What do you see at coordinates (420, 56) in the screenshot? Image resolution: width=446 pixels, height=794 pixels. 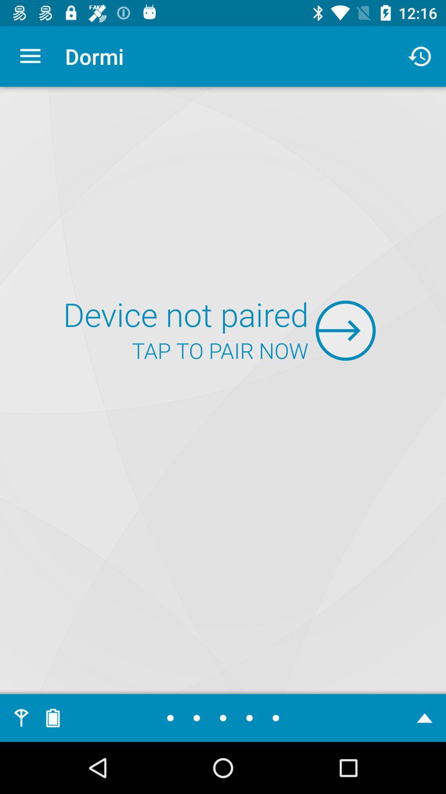 I see `the icon at the top right corner` at bounding box center [420, 56].